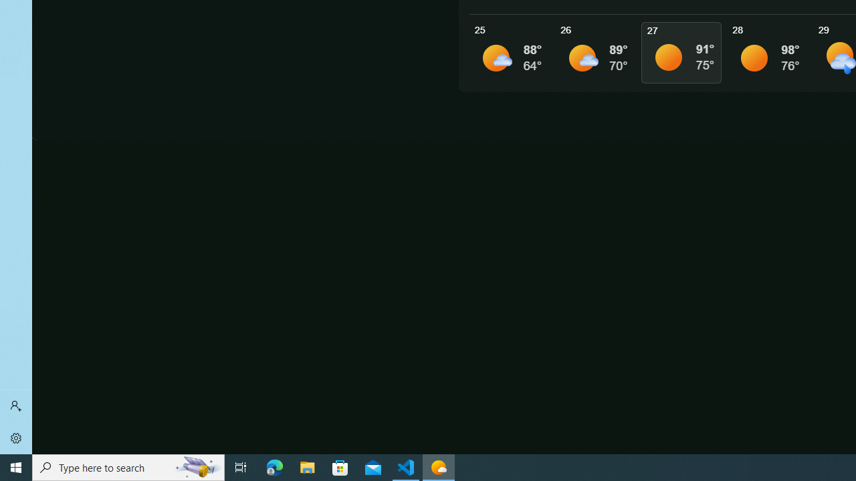  What do you see at coordinates (439, 466) in the screenshot?
I see `'Weather - 1 running window'` at bounding box center [439, 466].